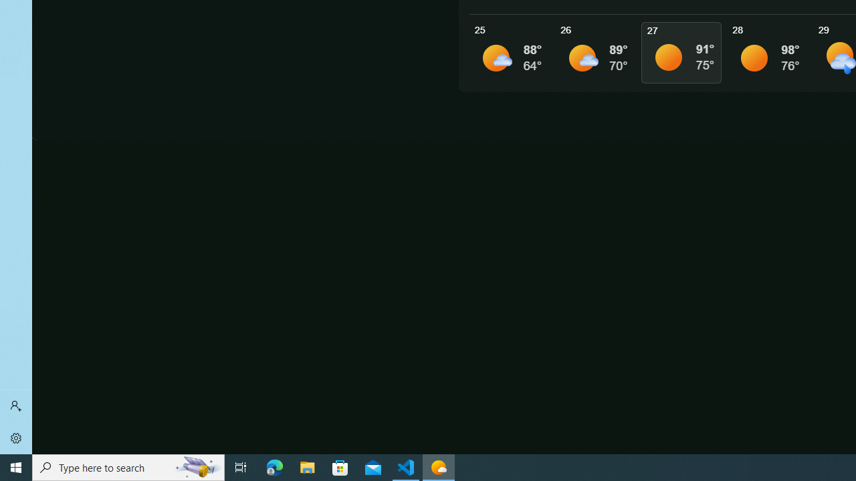  What do you see at coordinates (439, 466) in the screenshot?
I see `'Weather - 1 running window'` at bounding box center [439, 466].